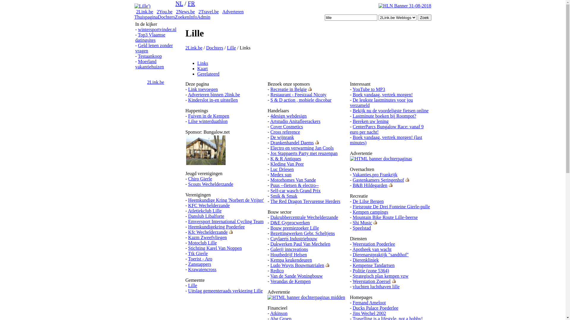 The width and height of the screenshot is (570, 320). What do you see at coordinates (270, 180) in the screenshot?
I see `'Motorhomes Van Sande'` at bounding box center [270, 180].